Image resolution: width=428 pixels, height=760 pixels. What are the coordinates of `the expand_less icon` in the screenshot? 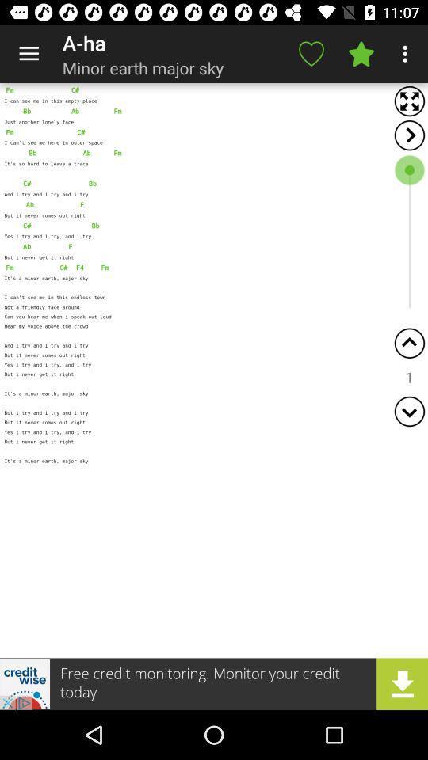 It's located at (409, 343).